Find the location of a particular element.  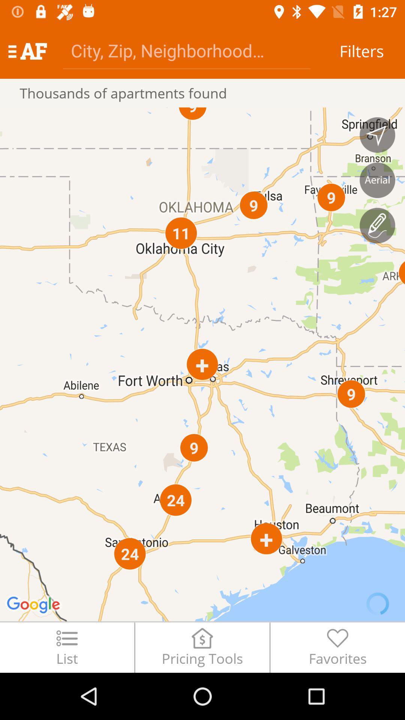

address is located at coordinates (186, 50).